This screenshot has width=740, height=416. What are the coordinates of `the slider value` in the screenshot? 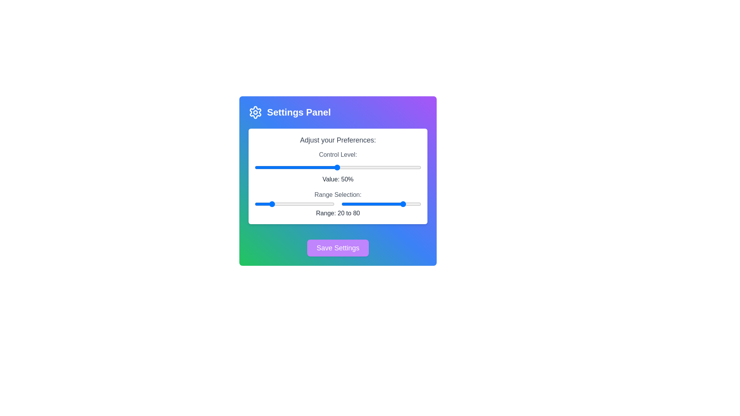 It's located at (355, 167).